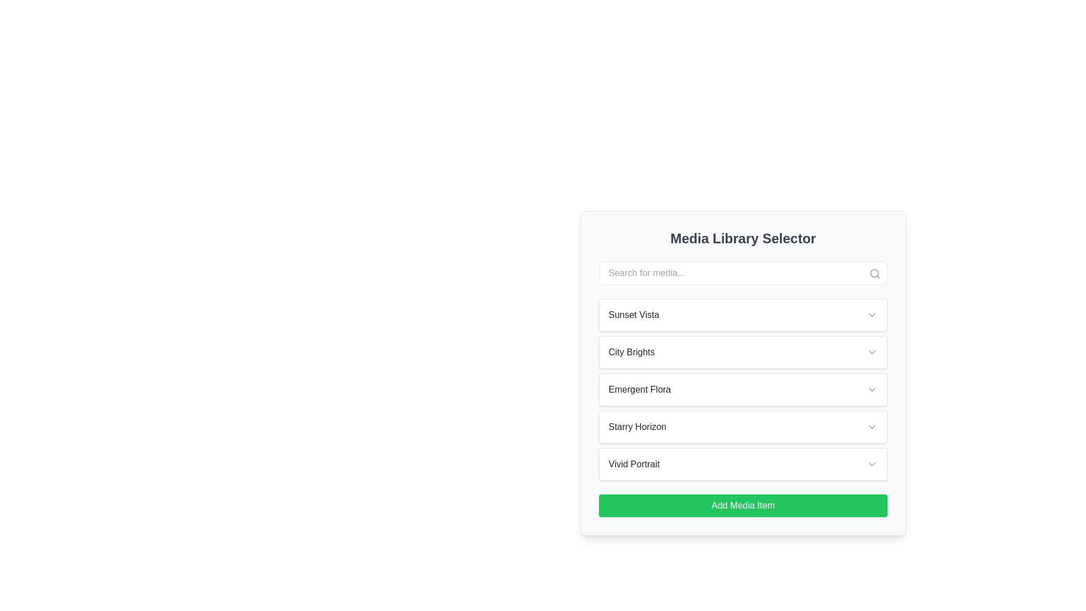 The width and height of the screenshot is (1086, 611). I want to click on the 'City Brights' text label in the 'Media Library Selector' panel, which serves as a title for a selectable media category, so click(631, 352).